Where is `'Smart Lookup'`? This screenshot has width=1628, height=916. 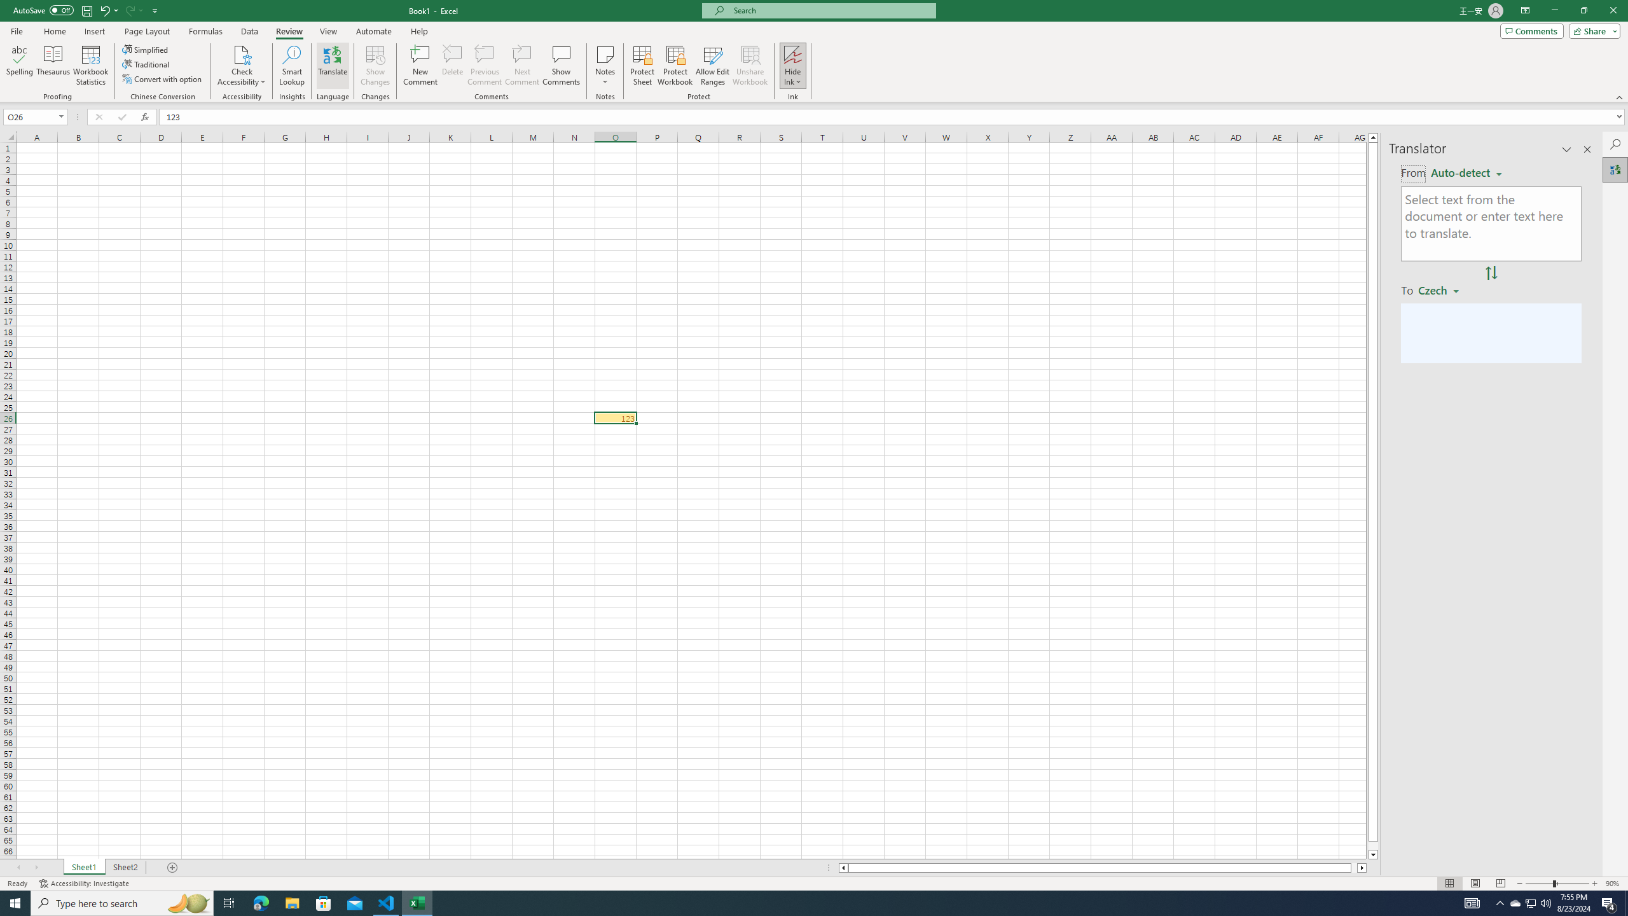 'Smart Lookup' is located at coordinates (291, 66).